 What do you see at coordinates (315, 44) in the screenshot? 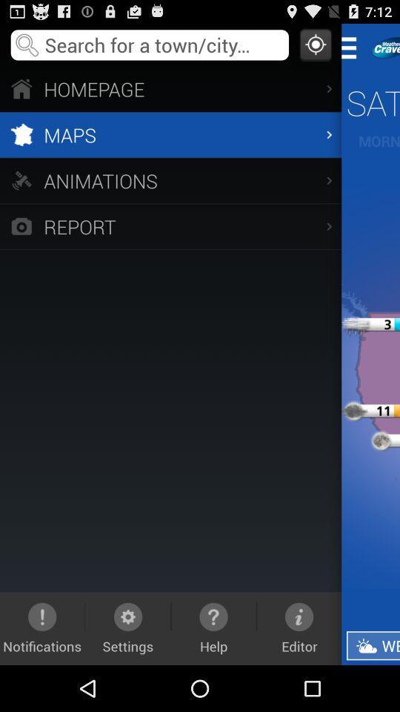
I see `turn on location` at bounding box center [315, 44].